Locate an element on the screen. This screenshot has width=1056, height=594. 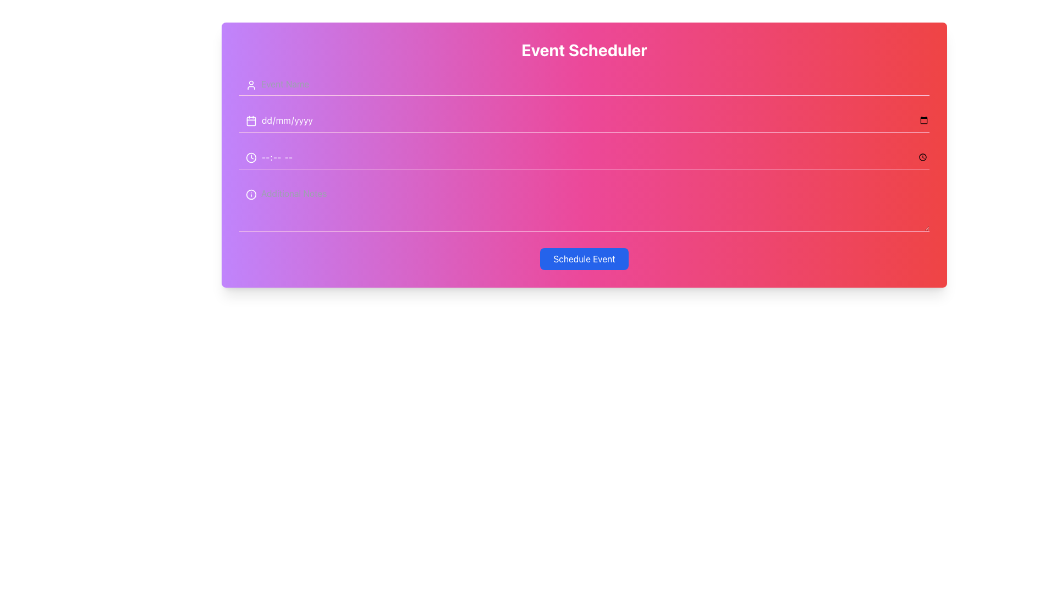
the clock icon that represents the concept of time, located to the left of the time input field is located at coordinates (250, 157).